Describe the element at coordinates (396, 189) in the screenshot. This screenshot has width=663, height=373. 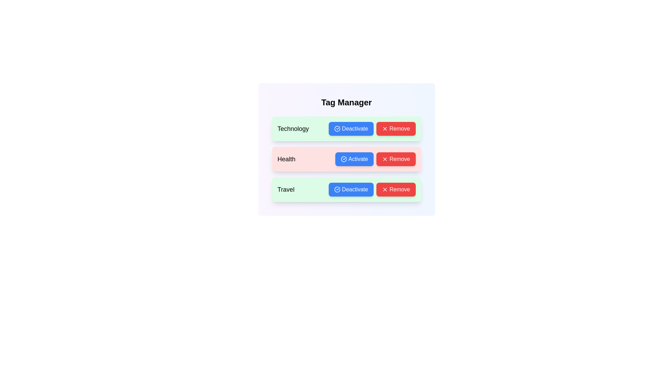
I see `'Remove' button for the tag with name Travel` at that location.